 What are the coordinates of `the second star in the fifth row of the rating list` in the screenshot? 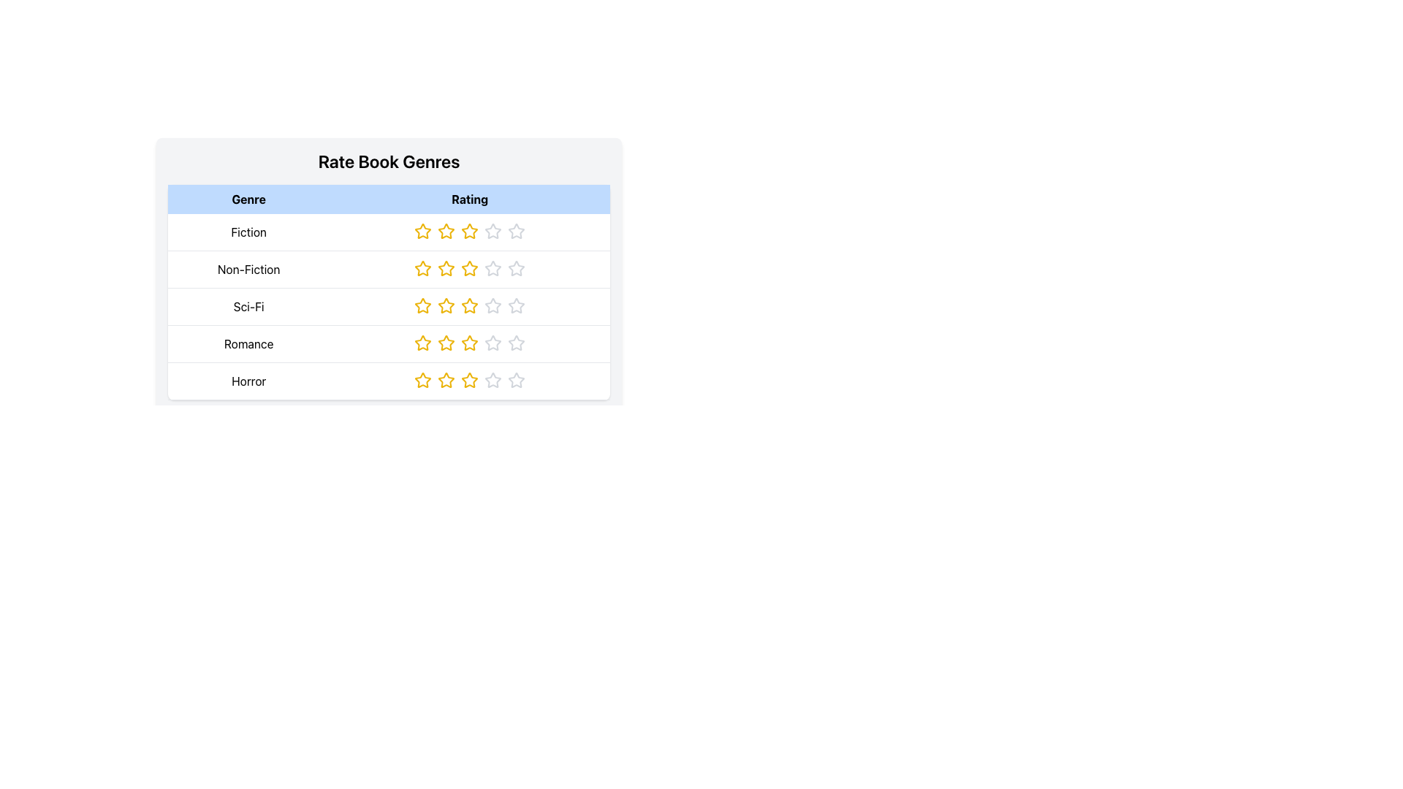 It's located at (446, 379).